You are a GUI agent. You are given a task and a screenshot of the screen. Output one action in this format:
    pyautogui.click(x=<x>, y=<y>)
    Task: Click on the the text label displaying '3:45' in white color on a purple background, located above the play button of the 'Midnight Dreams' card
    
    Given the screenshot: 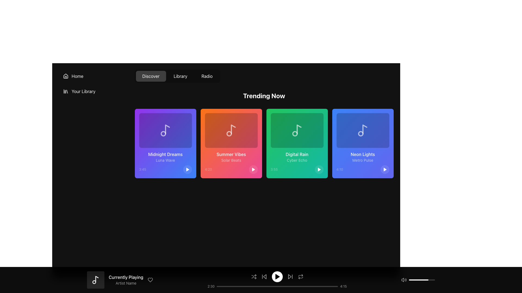 What is the action you would take?
    pyautogui.click(x=142, y=169)
    